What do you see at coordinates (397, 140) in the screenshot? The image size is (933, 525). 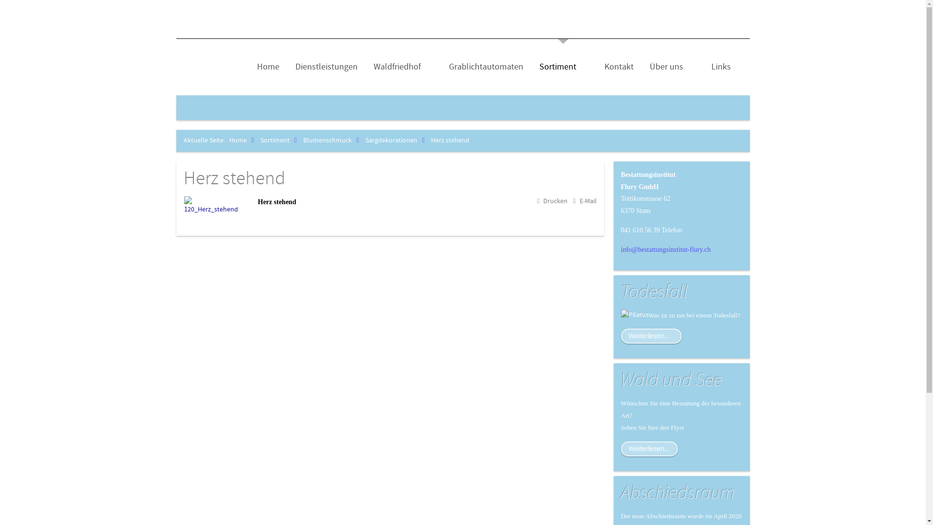 I see `'Sargdekorationen'` at bounding box center [397, 140].